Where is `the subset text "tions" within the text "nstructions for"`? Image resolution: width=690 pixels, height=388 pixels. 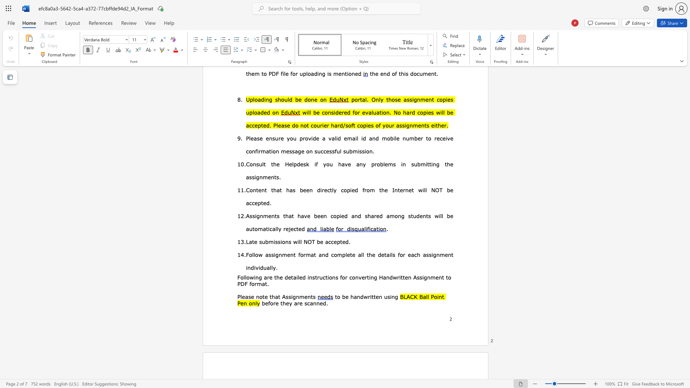
the subset text "tions" within the text "nstructions for" is located at coordinates (325, 277).